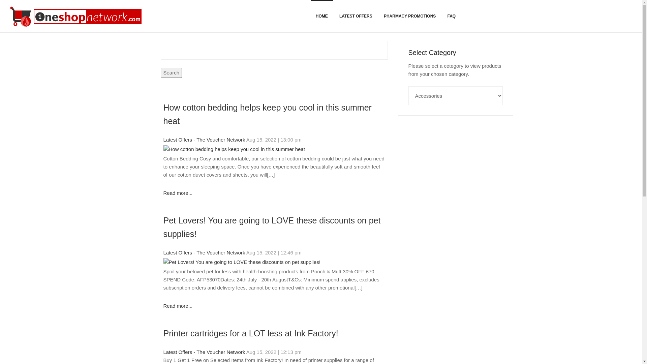 The image size is (647, 364). I want to click on 'Printer cartridges for a LOT less at Ink Factory!', so click(250, 333).